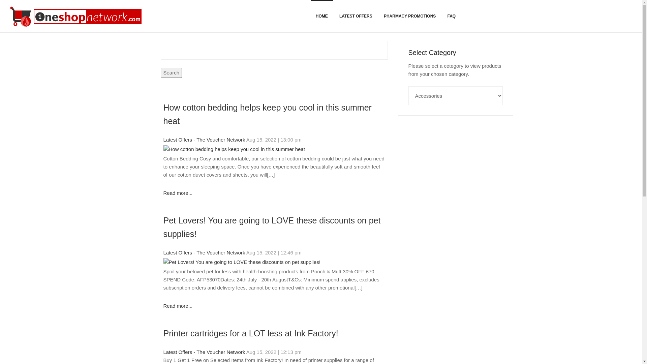 The image size is (647, 364). I want to click on 'Printer cartridges for a LOT less at Ink Factory!', so click(250, 333).